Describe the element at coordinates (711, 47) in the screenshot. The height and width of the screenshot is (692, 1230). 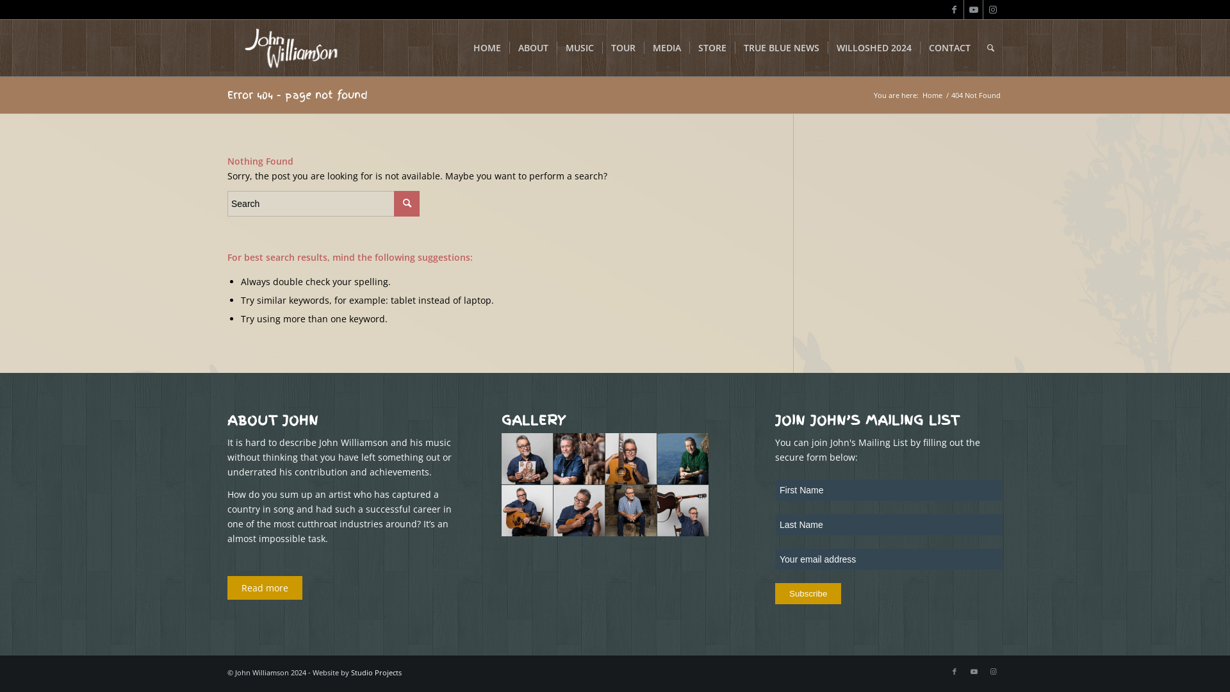
I see `'STORE'` at that location.